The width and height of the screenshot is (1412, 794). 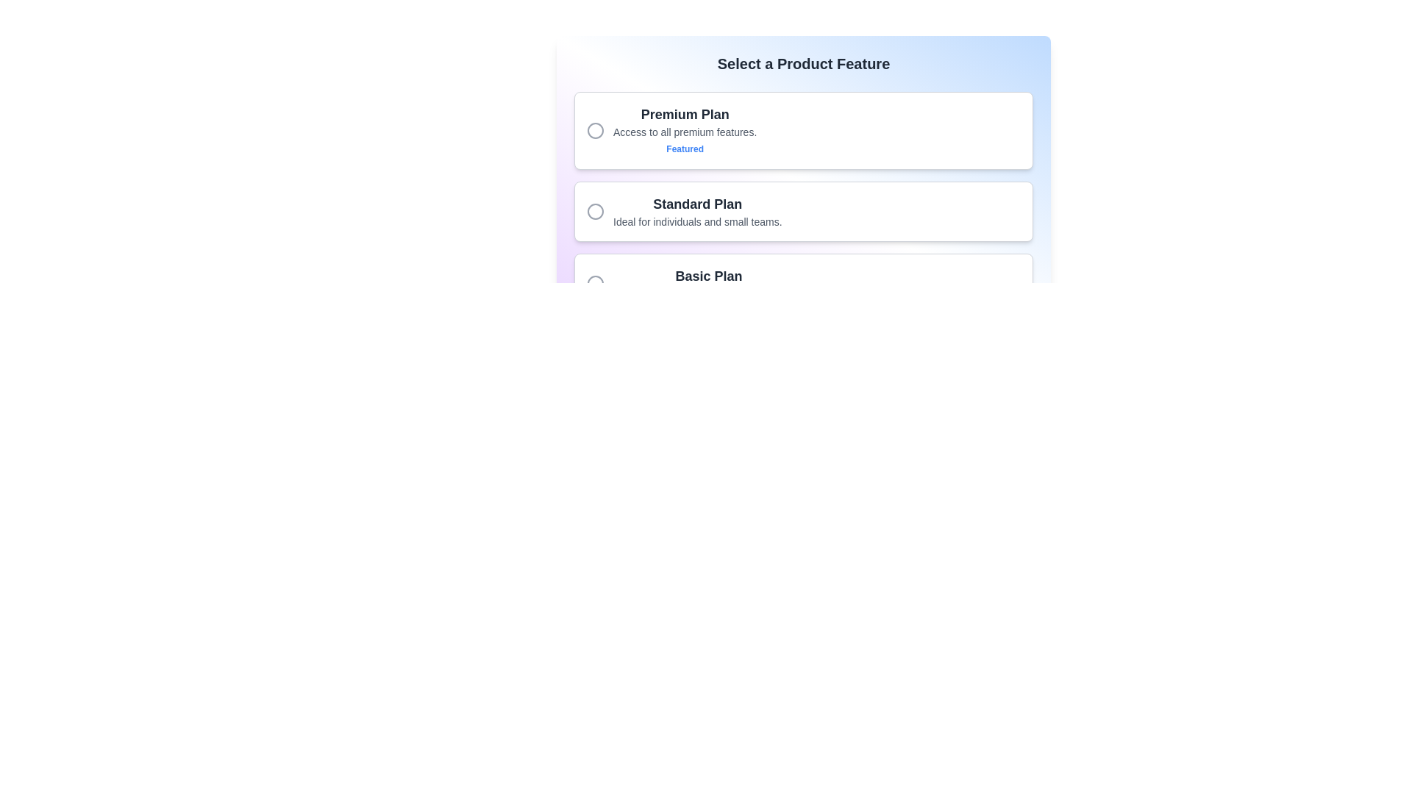 I want to click on the text content block that describes the 'Standard Plan' option, which is located between the 'Premium Plan' and 'Basic Plan' options in the selection interface, so click(x=696, y=212).